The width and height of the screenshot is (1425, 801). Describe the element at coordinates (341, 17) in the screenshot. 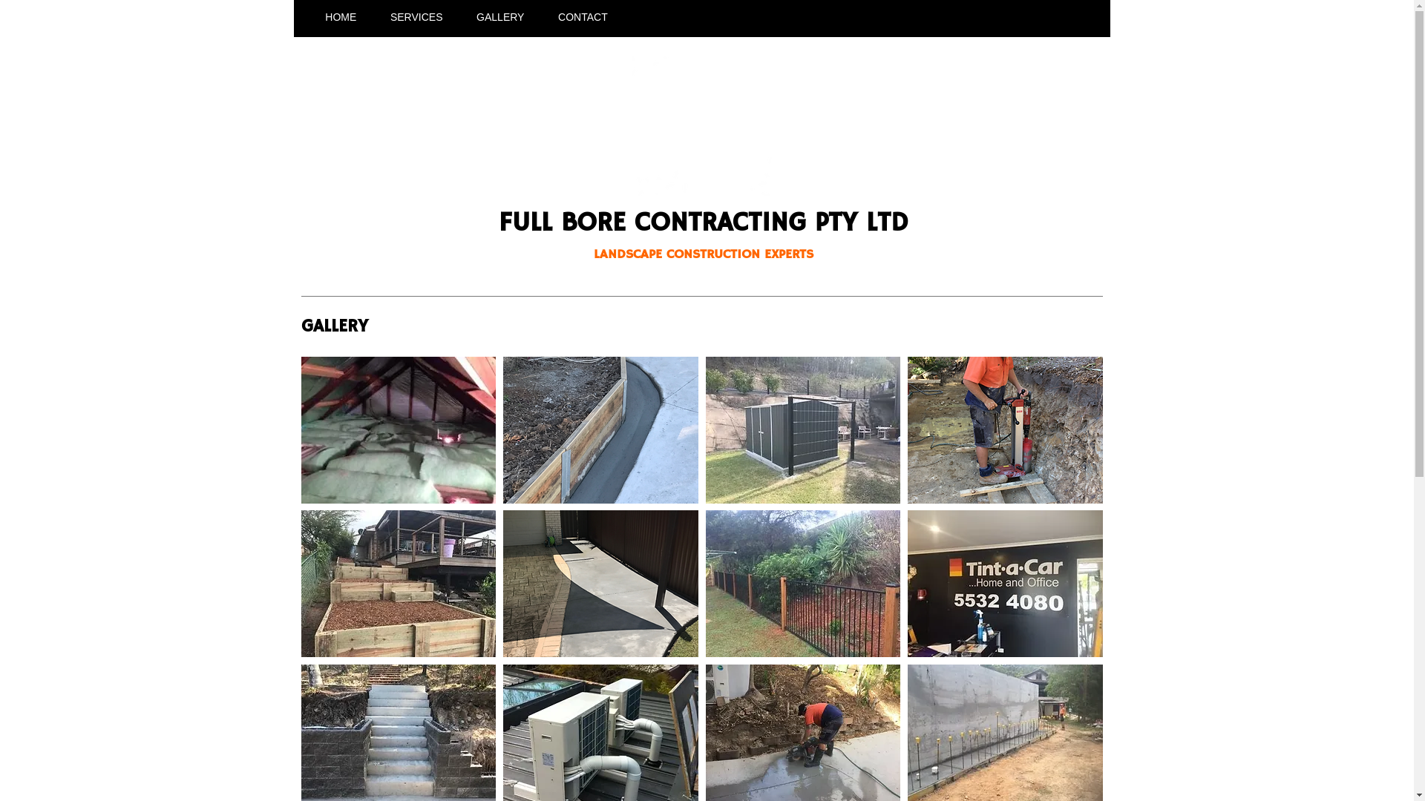

I see `'HOME'` at that location.